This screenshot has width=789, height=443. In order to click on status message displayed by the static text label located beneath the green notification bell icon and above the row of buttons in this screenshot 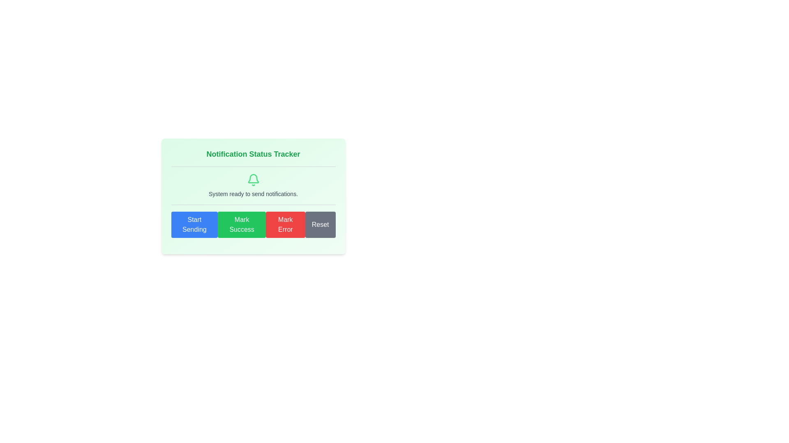, I will do `click(253, 194)`.